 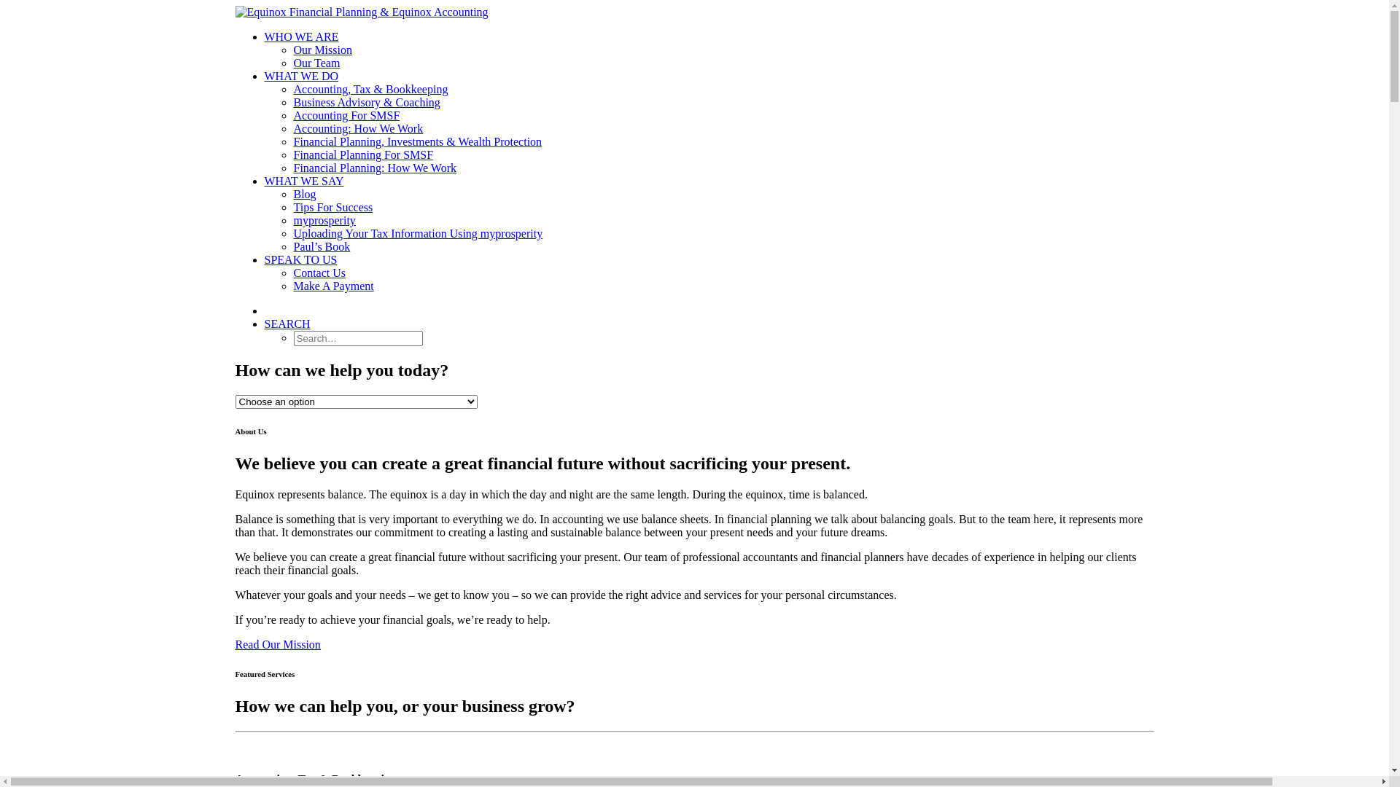 I want to click on 'Blog', so click(x=303, y=193).